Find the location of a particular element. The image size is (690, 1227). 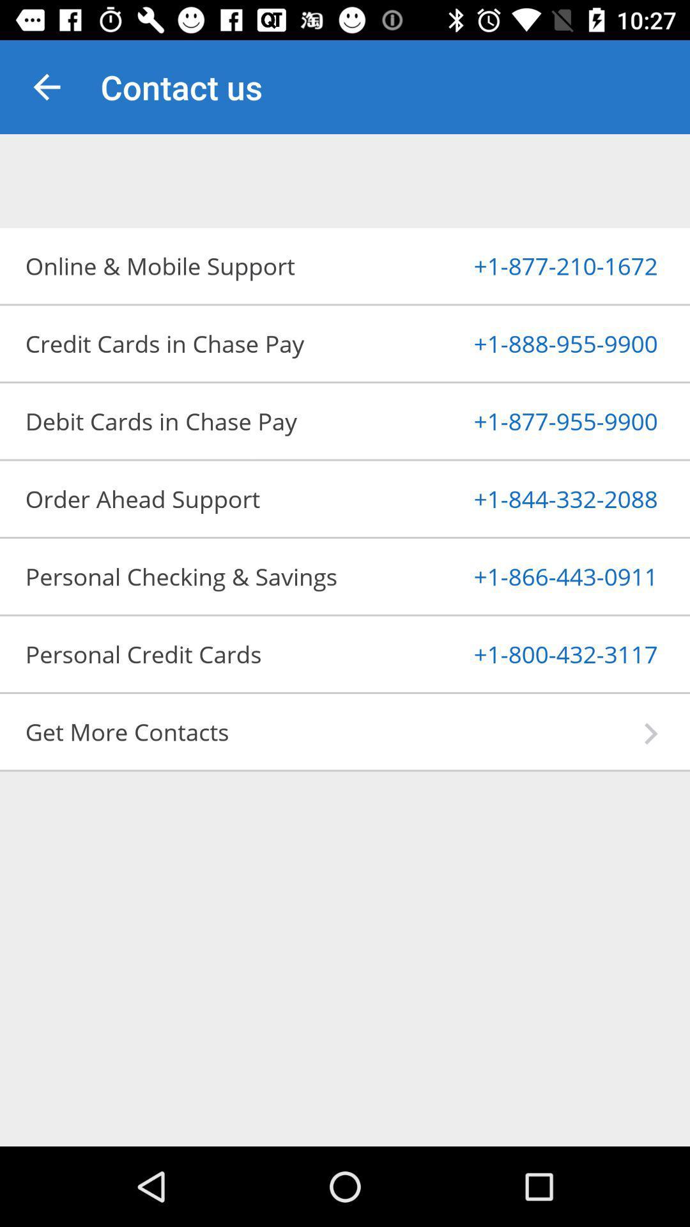

1 800 432 item is located at coordinates (535, 654).